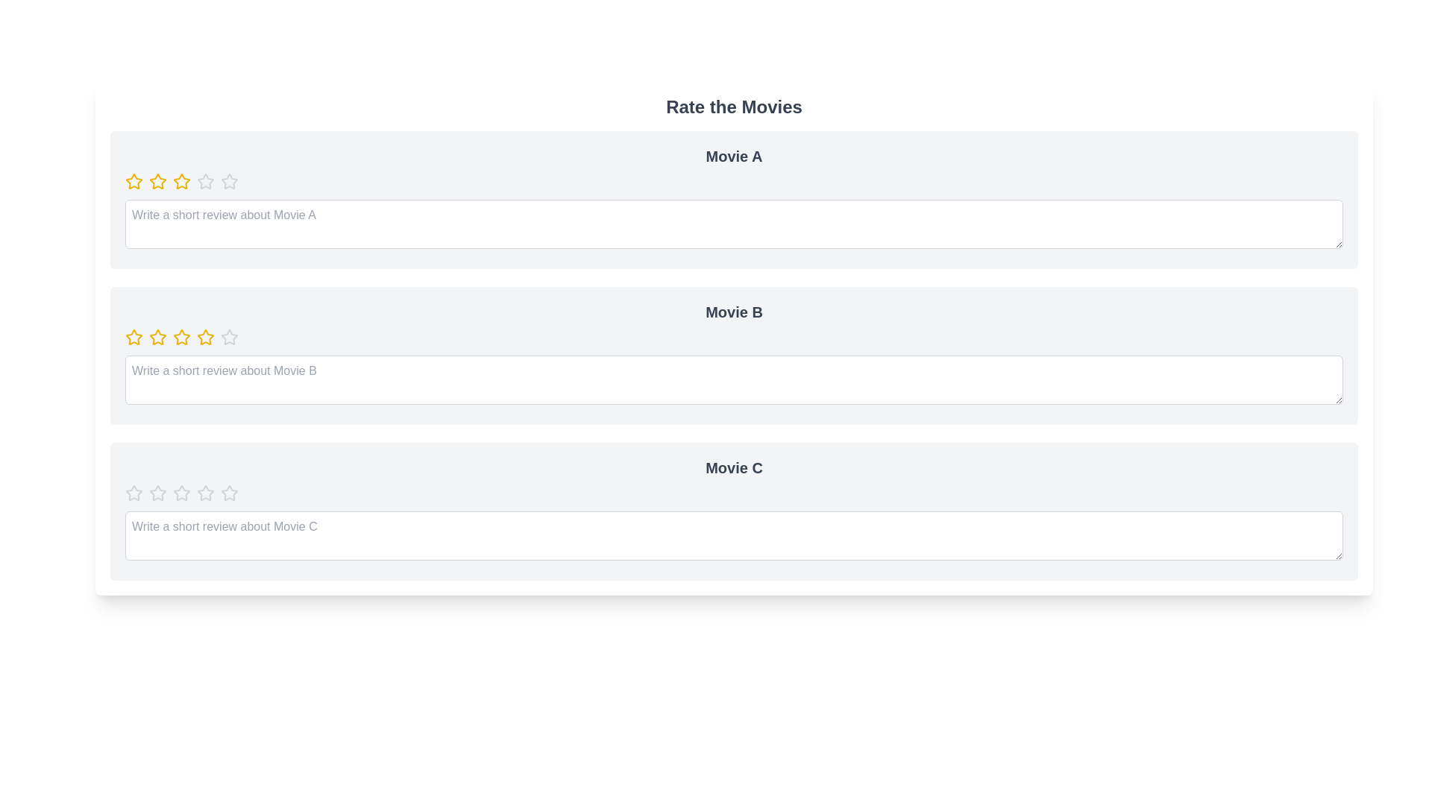 This screenshot has width=1432, height=805. I want to click on the rating of a movie to 1 stars, so click(134, 180).